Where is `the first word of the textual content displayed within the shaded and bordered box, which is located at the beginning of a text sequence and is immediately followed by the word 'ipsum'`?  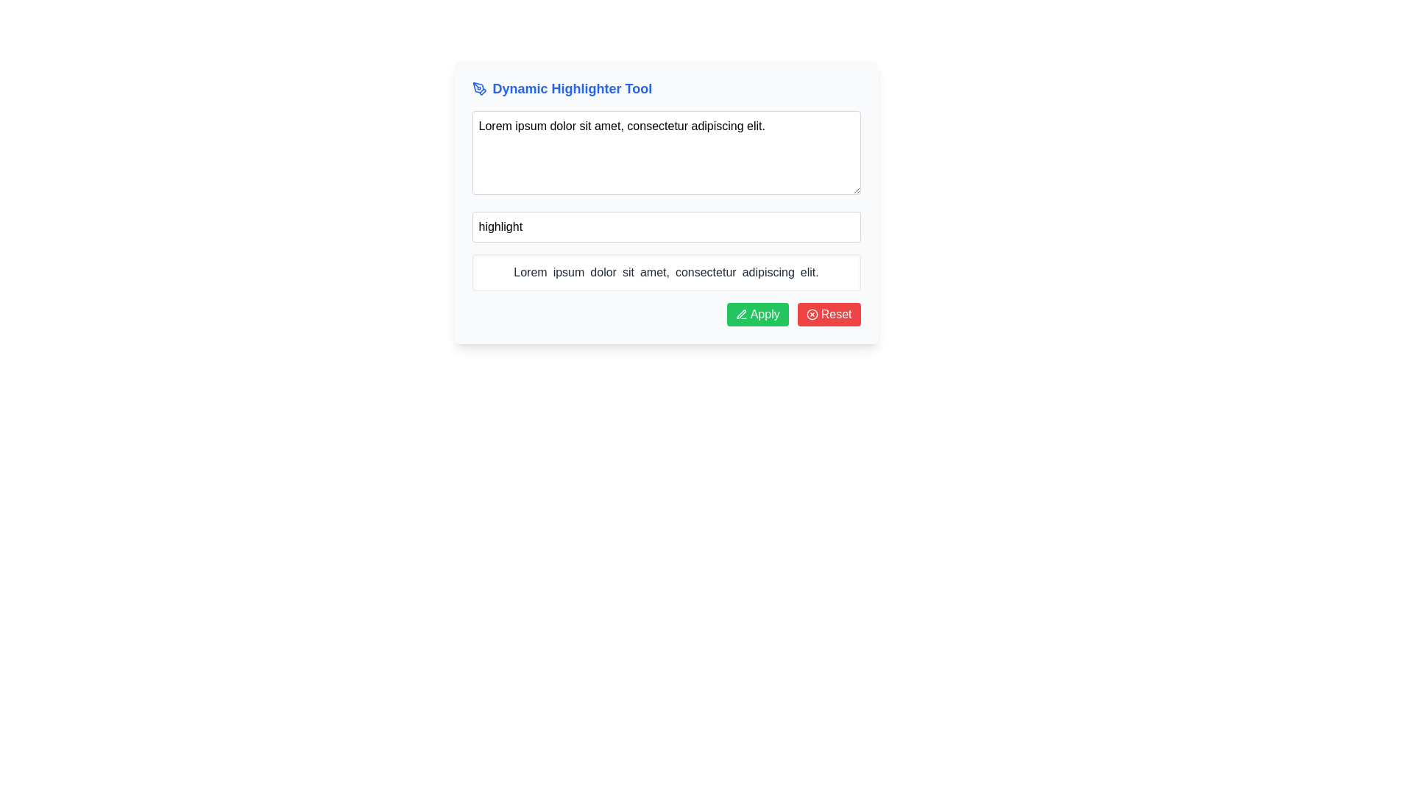 the first word of the textual content displayed within the shaded and bordered box, which is located at the beginning of a text sequence and is immediately followed by the word 'ipsum' is located at coordinates (530, 272).